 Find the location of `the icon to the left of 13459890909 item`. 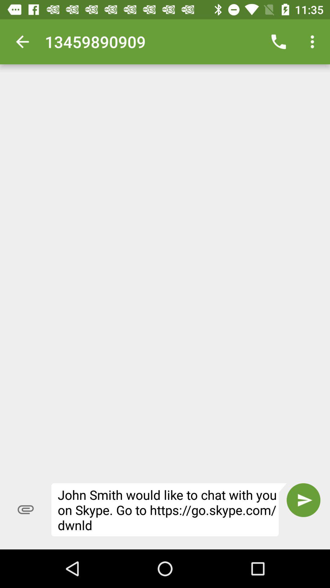

the icon to the left of 13459890909 item is located at coordinates (22, 41).